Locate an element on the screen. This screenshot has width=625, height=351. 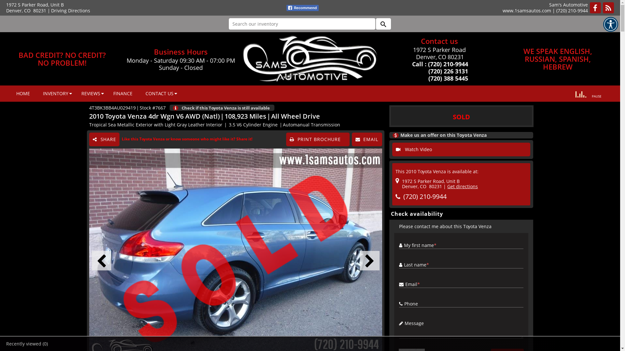
'           (720) 388 5445' is located at coordinates (410, 78).